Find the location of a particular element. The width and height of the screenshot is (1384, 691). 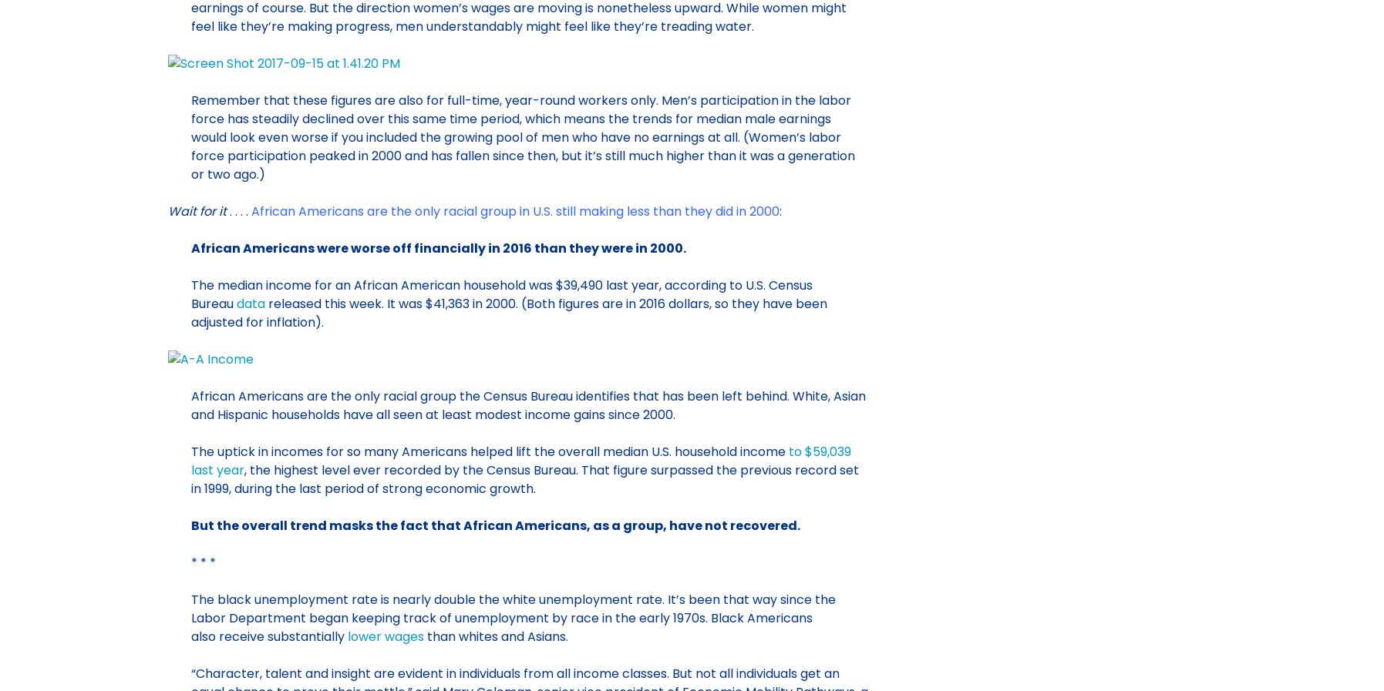

'released this week. It was $41,363 in 2000. (Both figures are in 2016 dollars, so they have been adjusted for inflation).' is located at coordinates (507, 311).